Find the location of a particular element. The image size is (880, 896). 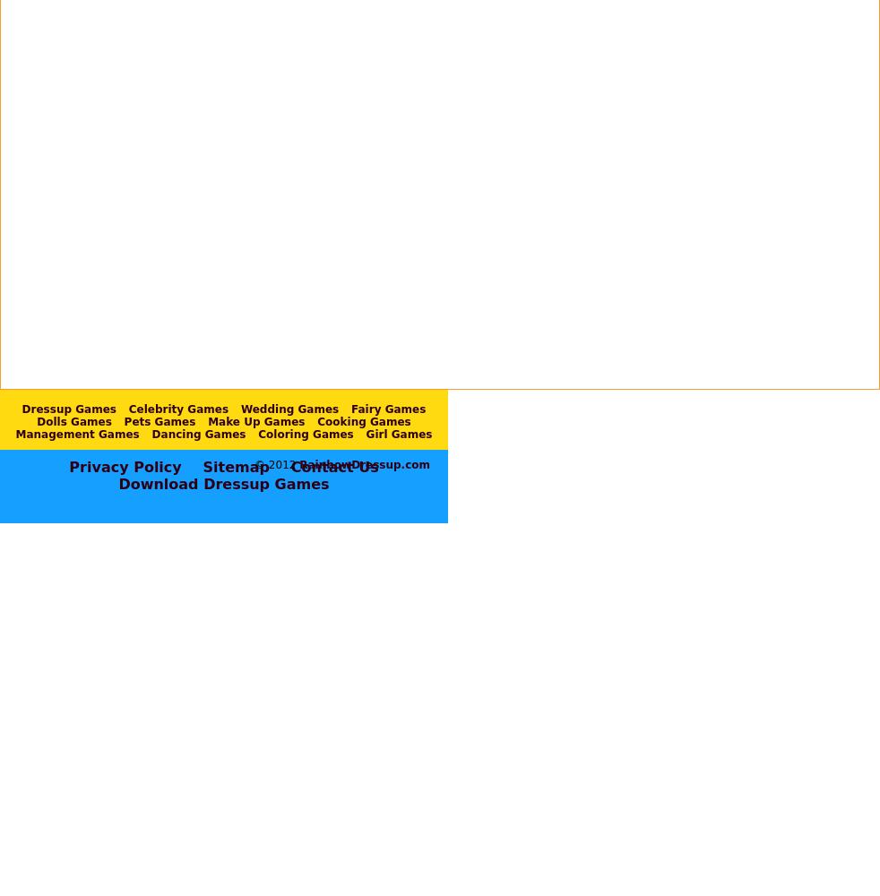

'Cooking Games' is located at coordinates (363, 420).